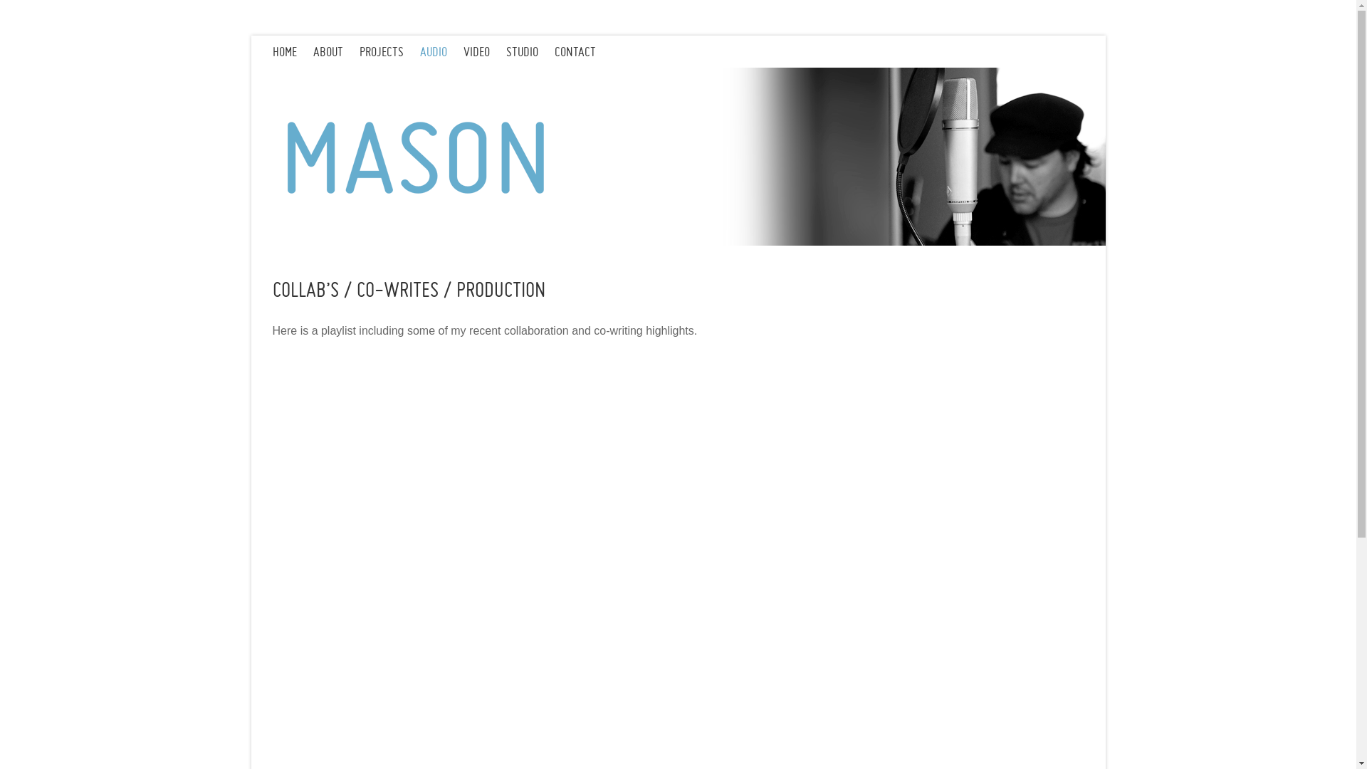  Describe the element at coordinates (529, 51) in the screenshot. I see `'STUDIO'` at that location.